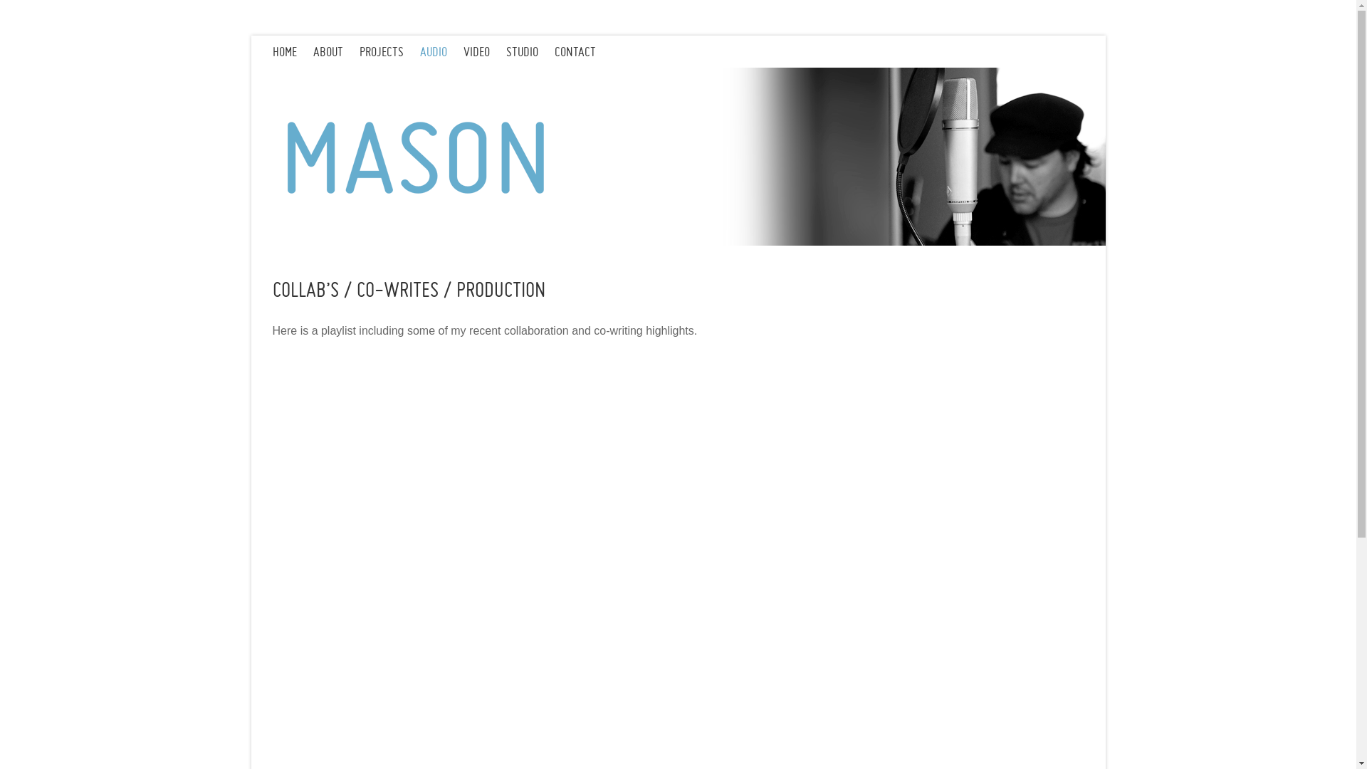  Describe the element at coordinates (529, 51) in the screenshot. I see `'STUDIO'` at that location.